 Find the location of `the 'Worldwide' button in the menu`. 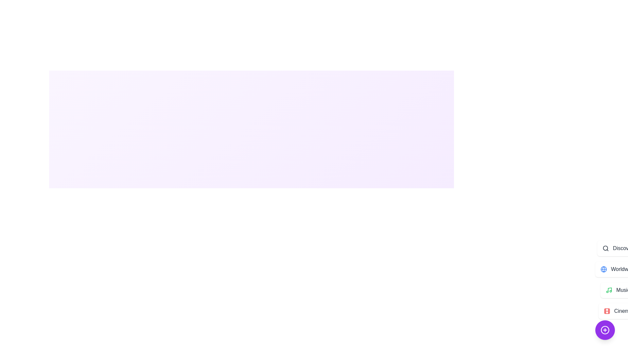

the 'Worldwide' button in the menu is located at coordinates (618, 269).